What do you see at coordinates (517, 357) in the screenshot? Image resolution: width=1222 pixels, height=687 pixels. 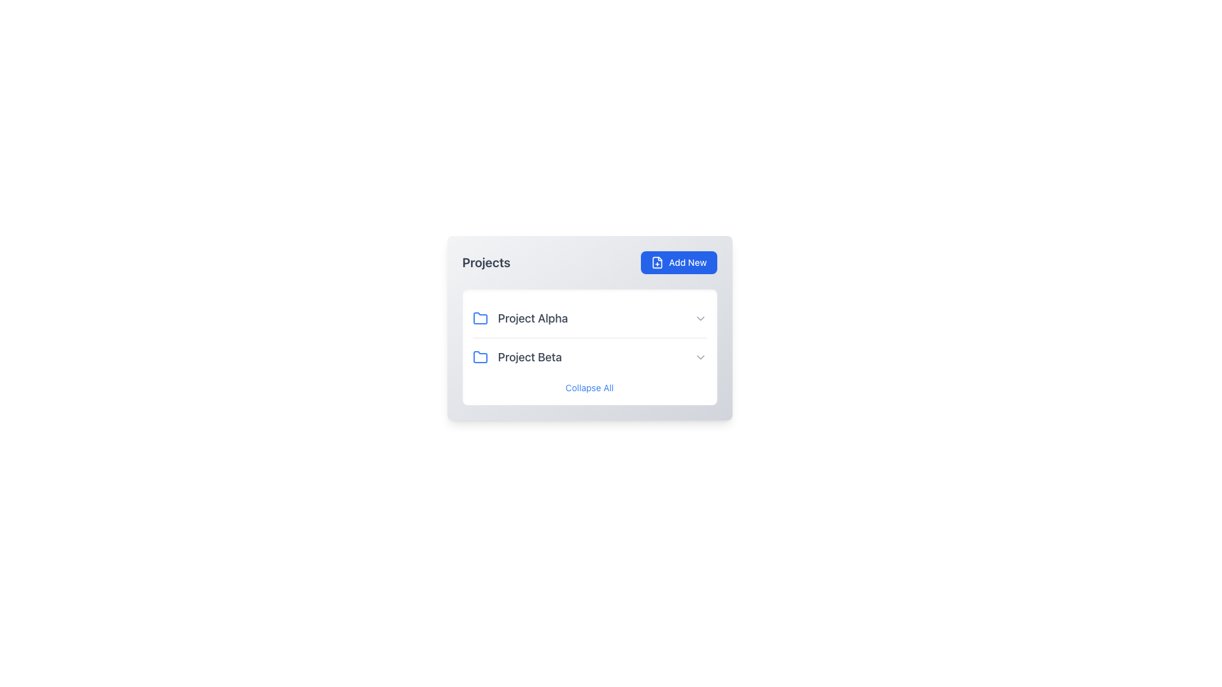 I see `the text label 'Project Beta'` at bounding box center [517, 357].